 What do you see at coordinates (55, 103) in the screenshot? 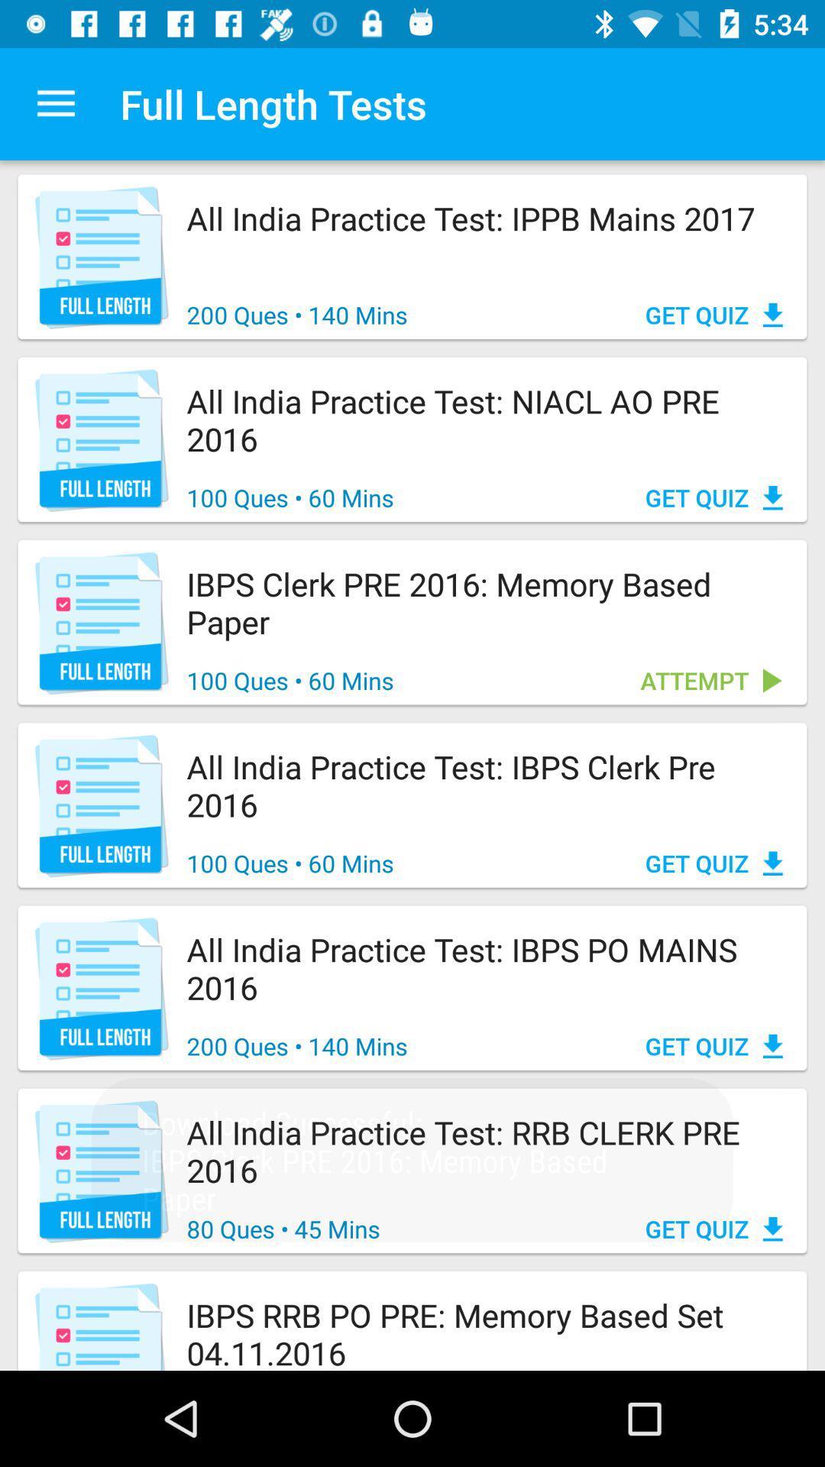
I see `the app to the left of the full length tests app` at bounding box center [55, 103].